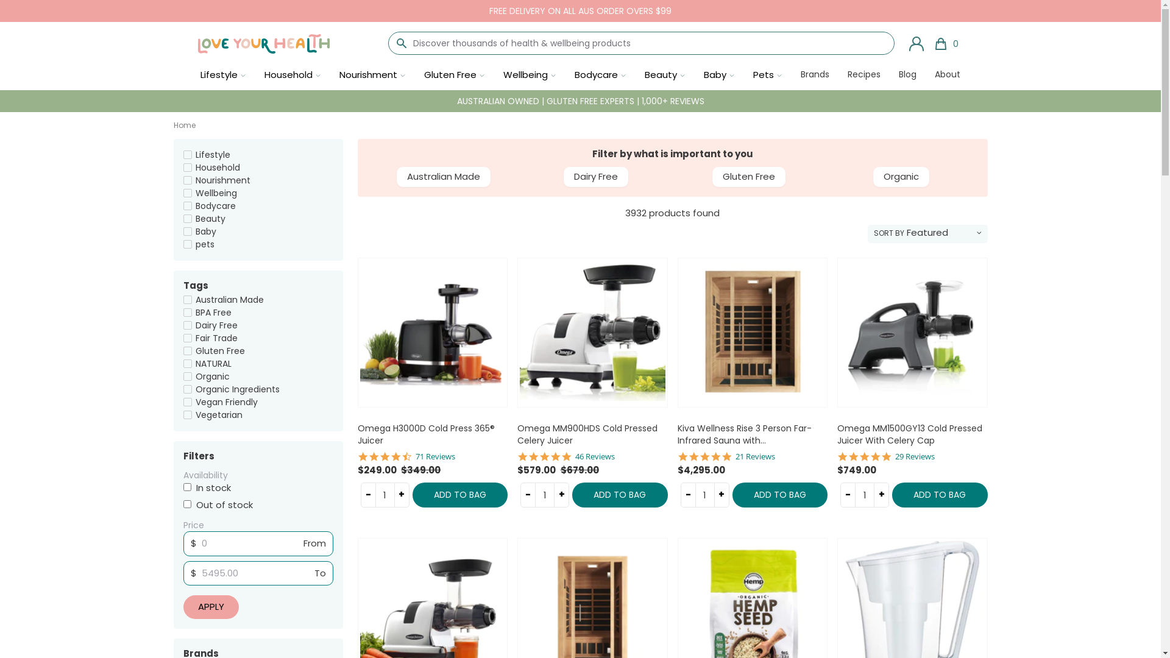  Describe the element at coordinates (210, 218) in the screenshot. I see `'Beauty'` at that location.